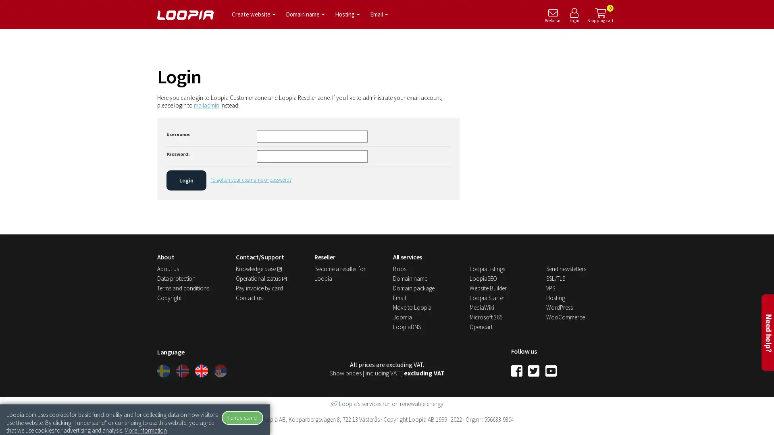 The image size is (774, 435). I want to click on Login, so click(185, 180).